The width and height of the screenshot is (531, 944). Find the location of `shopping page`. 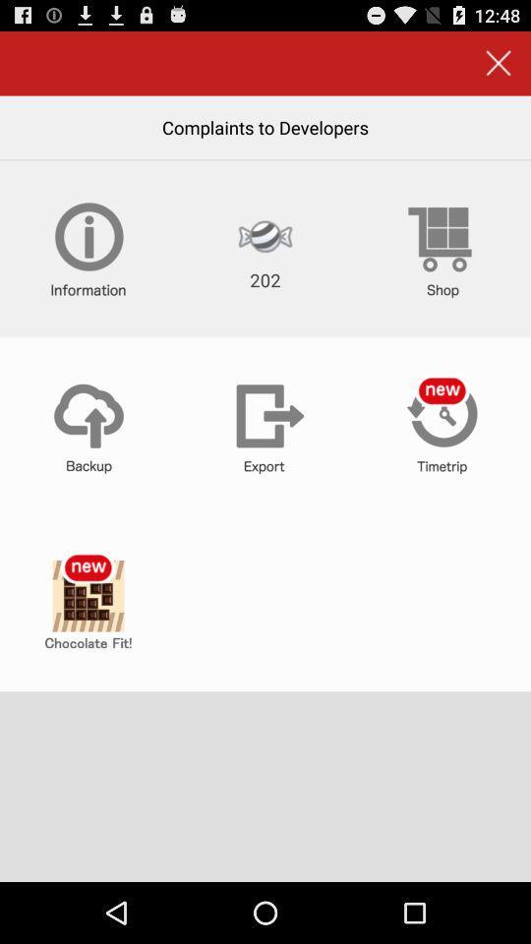

shopping page is located at coordinates (442, 248).